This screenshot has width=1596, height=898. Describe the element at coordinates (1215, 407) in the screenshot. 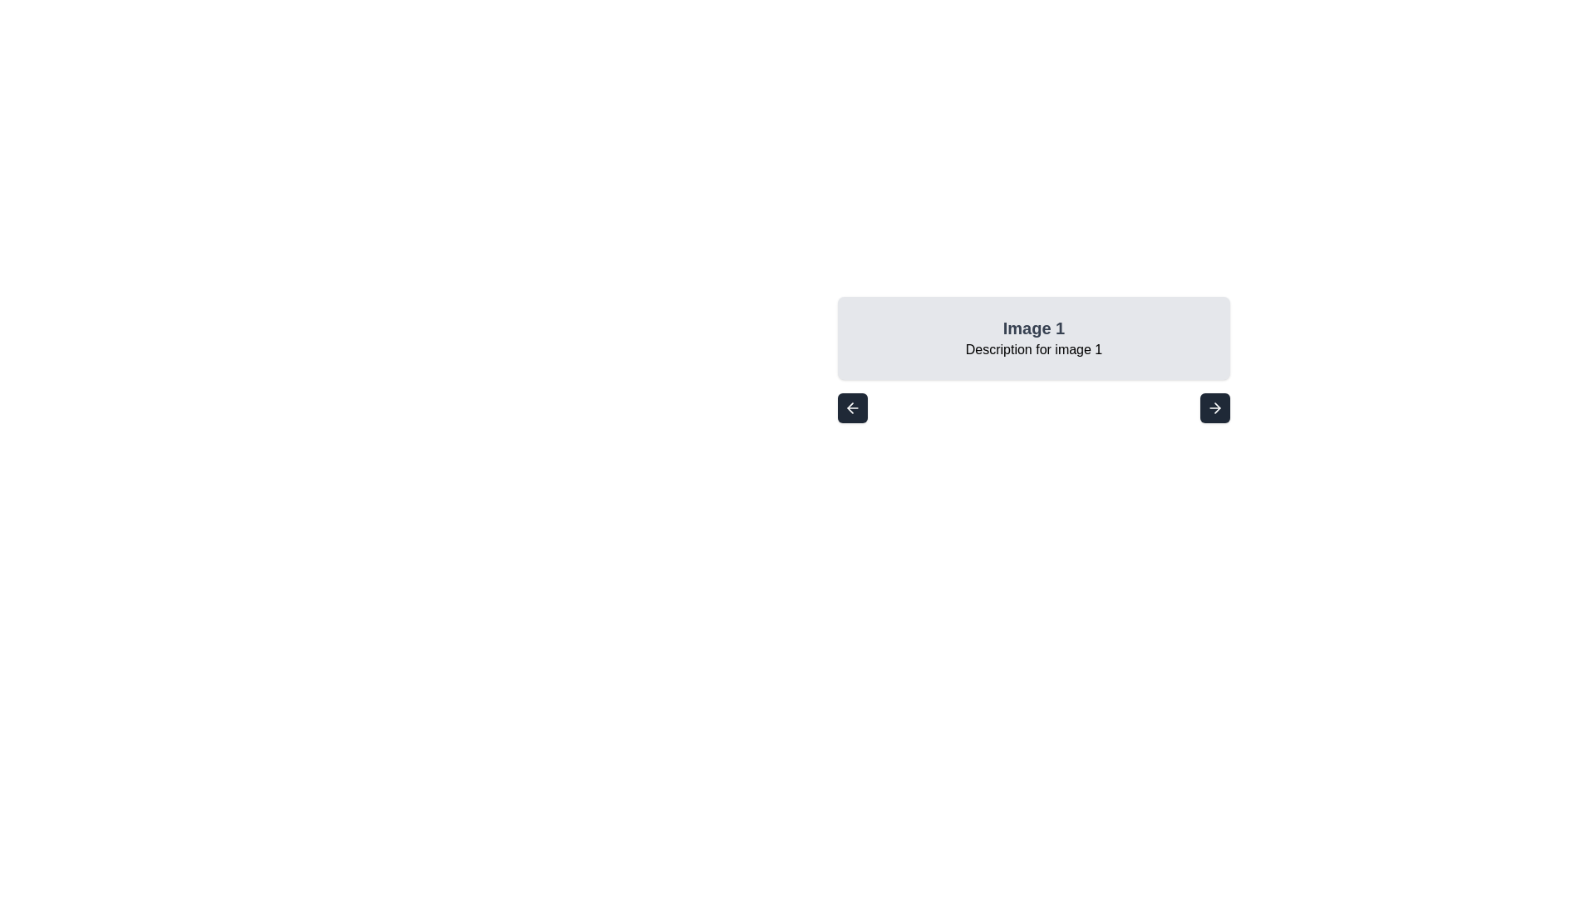

I see `the right arrow button to navigate to the next item in the carousel` at that location.